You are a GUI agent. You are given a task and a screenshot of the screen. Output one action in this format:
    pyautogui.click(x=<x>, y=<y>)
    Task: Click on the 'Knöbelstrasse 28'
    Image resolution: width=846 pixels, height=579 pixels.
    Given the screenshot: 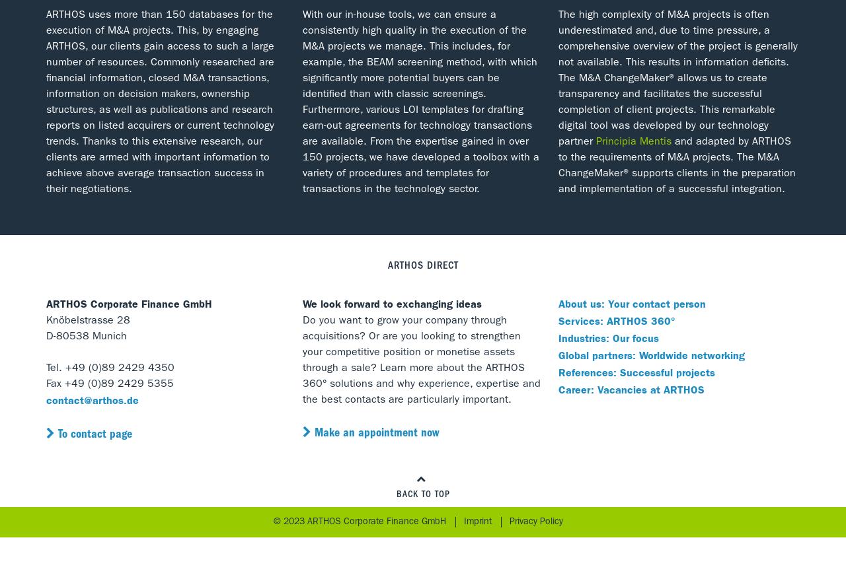 What is the action you would take?
    pyautogui.click(x=87, y=321)
    